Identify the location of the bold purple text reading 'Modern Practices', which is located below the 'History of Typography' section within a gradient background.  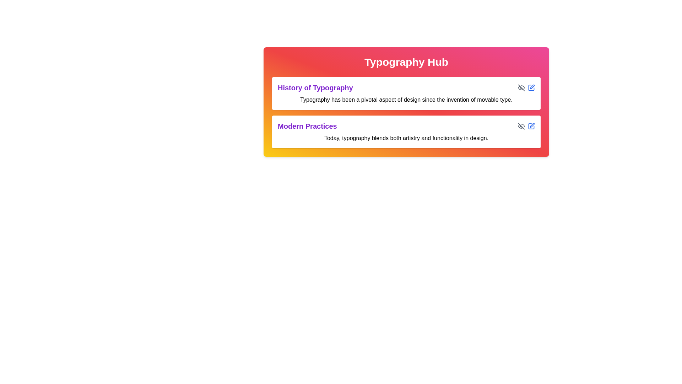
(307, 126).